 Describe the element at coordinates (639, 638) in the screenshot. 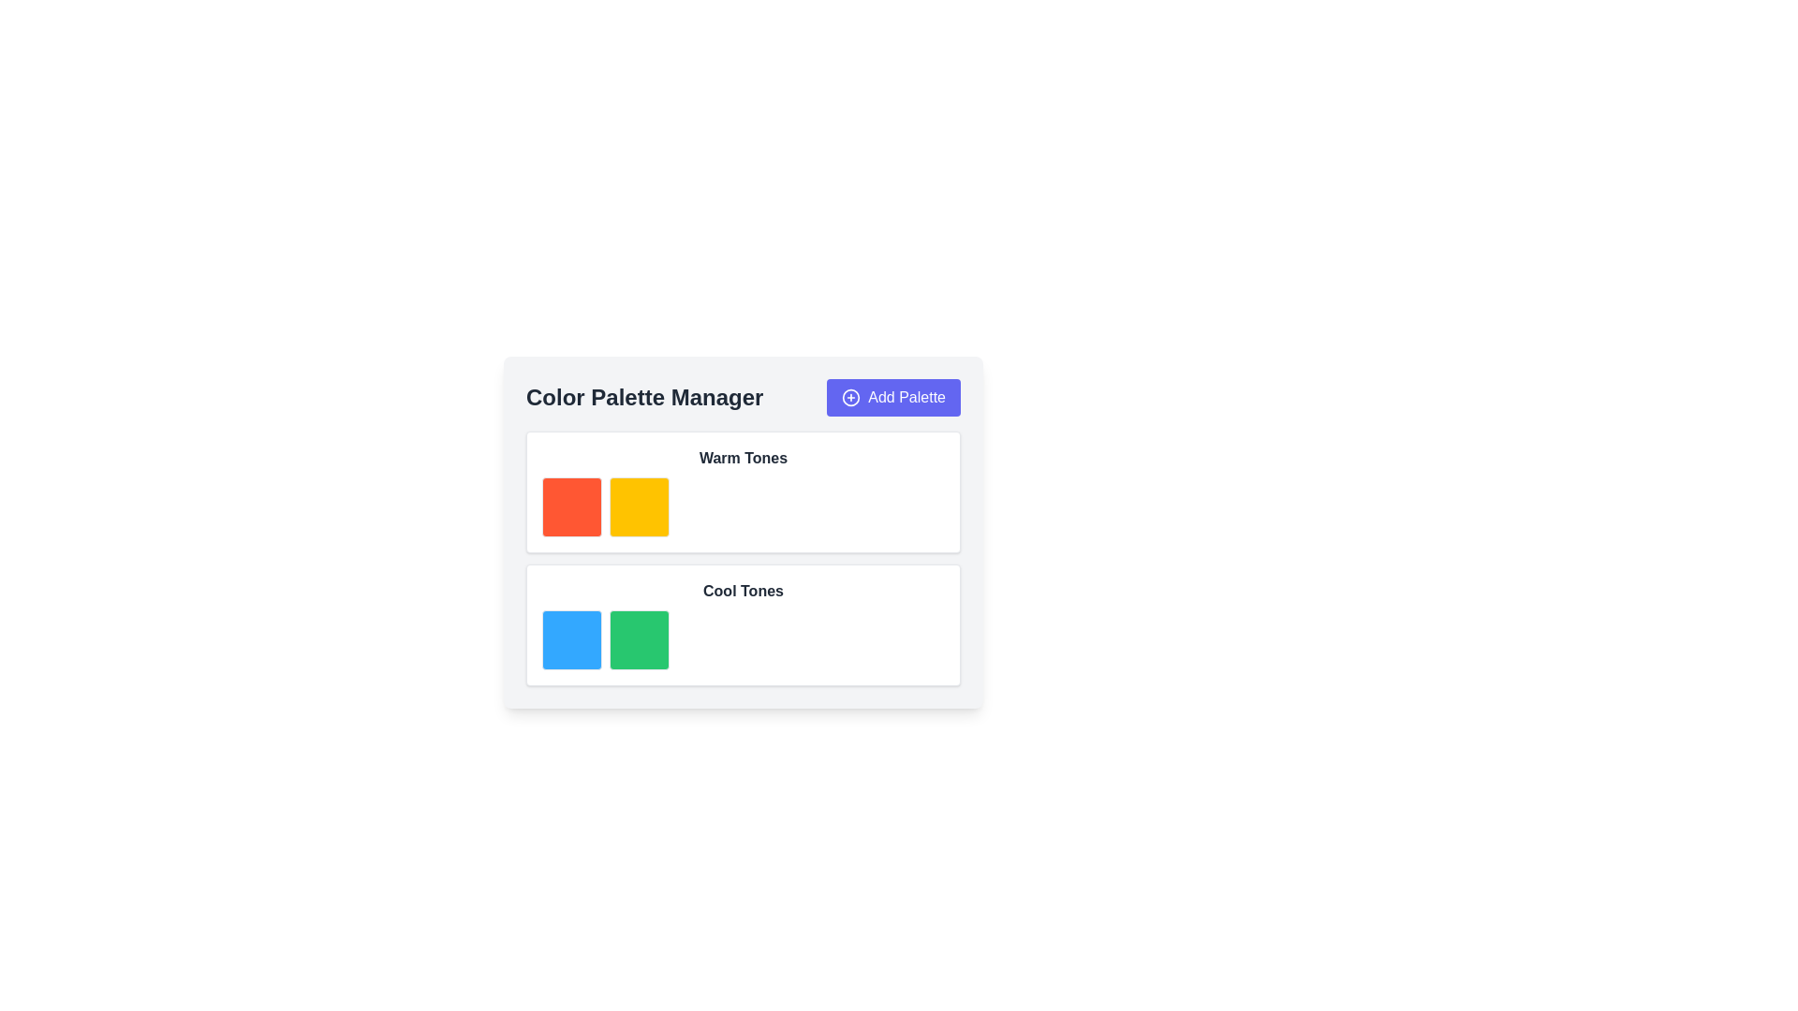

I see `the selectable color block representing the green tone in the color palette under the 'Cool Tones' section` at that location.